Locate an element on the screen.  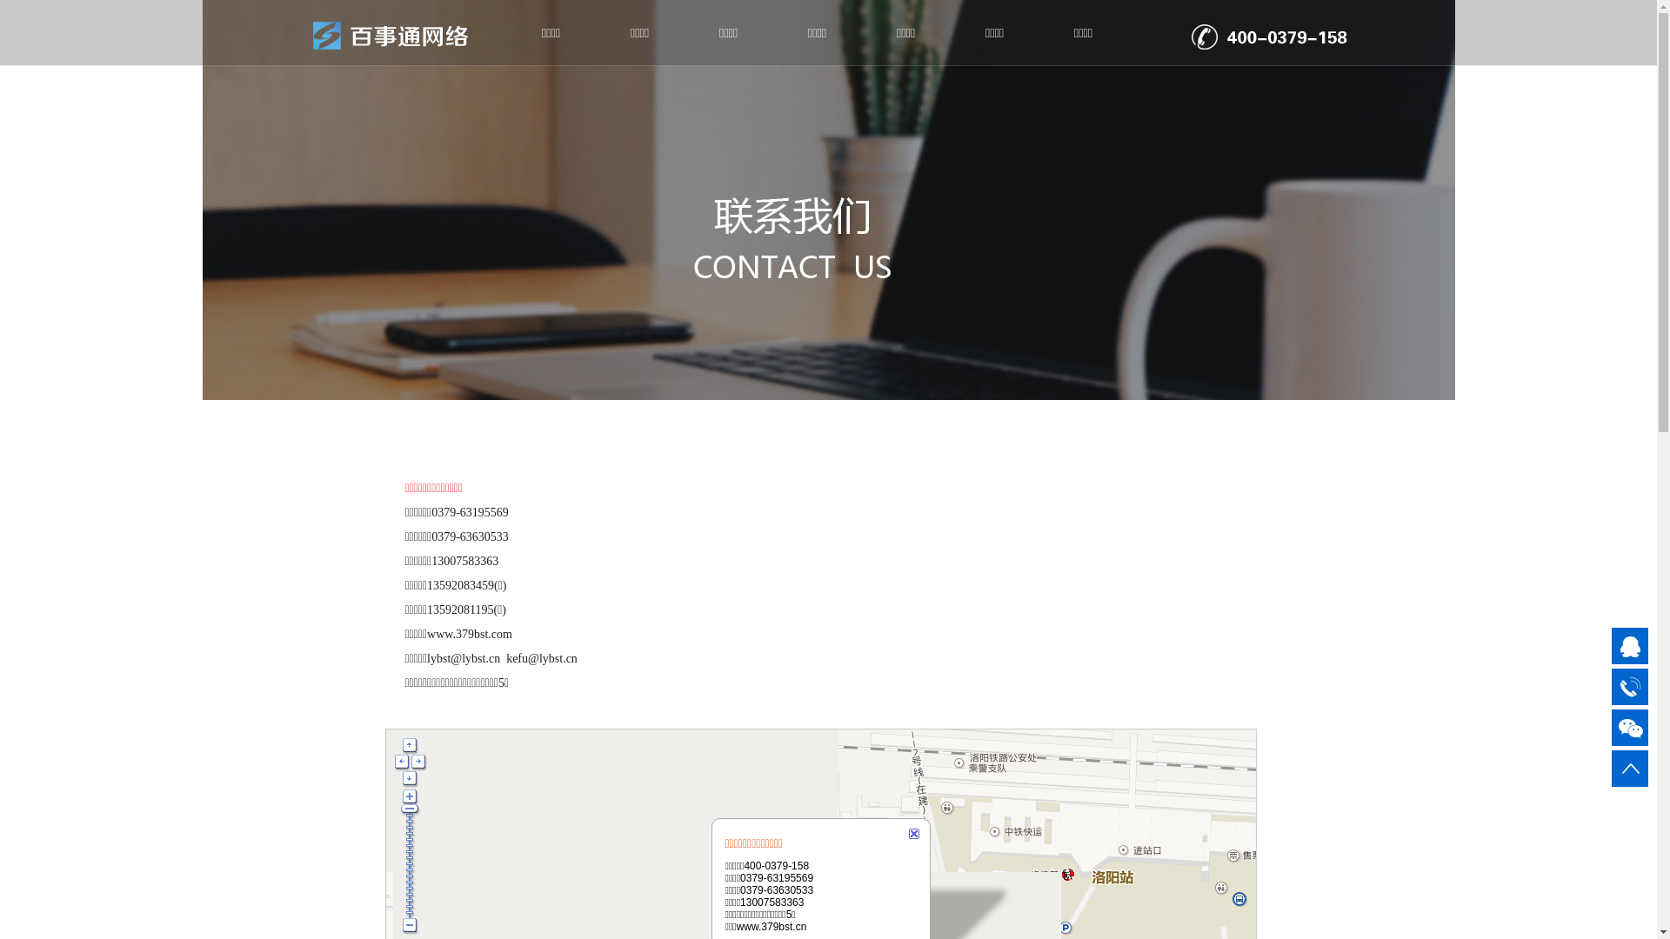
'kefu@lybst.cn' is located at coordinates (541, 657).